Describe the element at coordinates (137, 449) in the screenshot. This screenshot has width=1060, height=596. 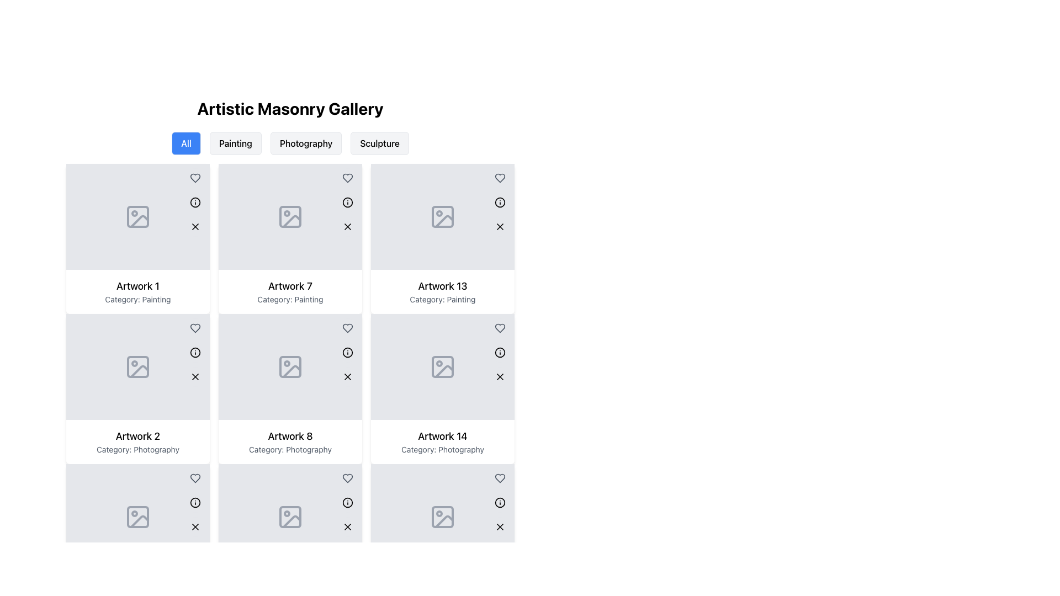
I see `the static text element that provides category information for the artwork depicted in the card located directly below 'Artwork 2' in the second row of the grid` at that location.